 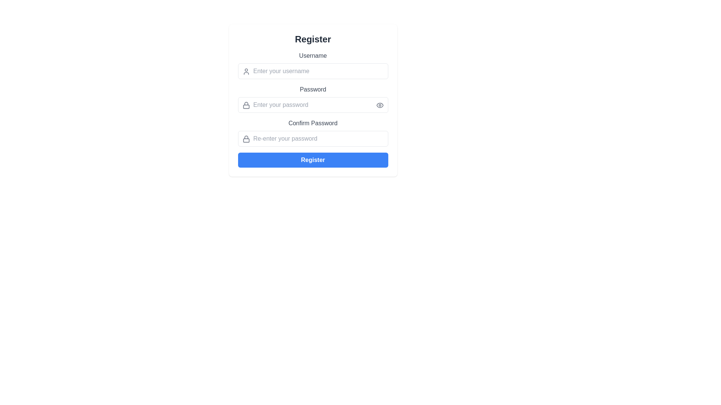 What do you see at coordinates (313, 39) in the screenshot?
I see `the 'Register' label, which is a bold, large text element in dark gray color, positioned at the top of the registration form` at bounding box center [313, 39].